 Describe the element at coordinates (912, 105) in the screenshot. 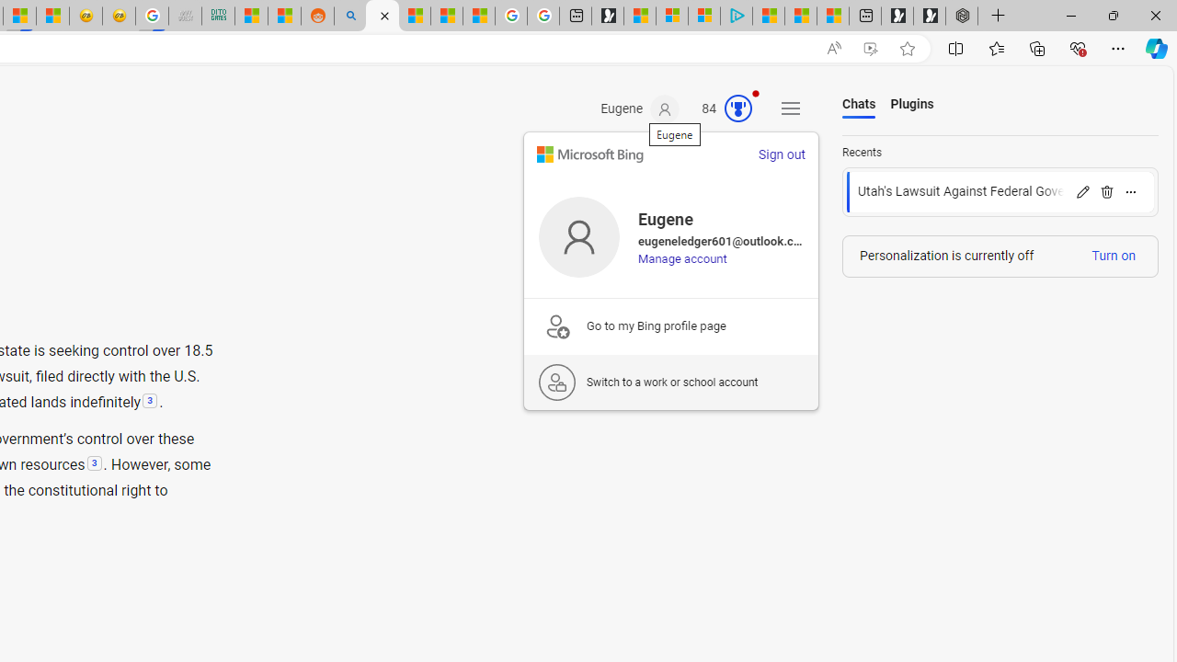

I see `'Plugins'` at that location.